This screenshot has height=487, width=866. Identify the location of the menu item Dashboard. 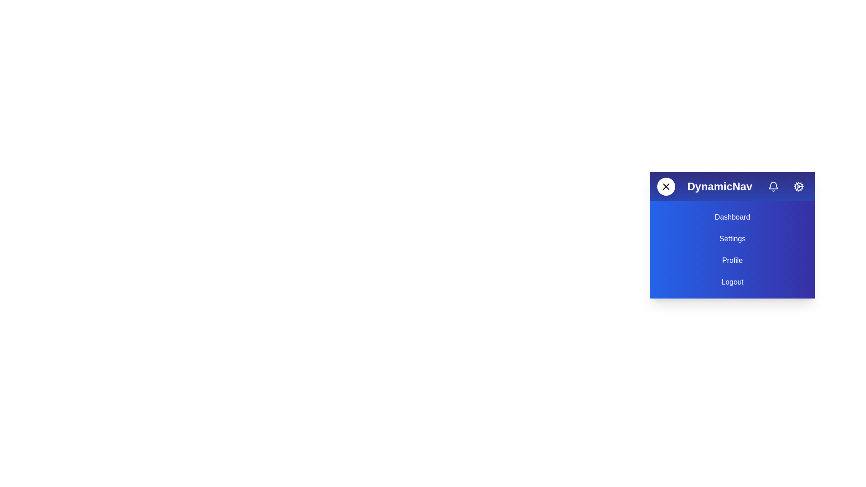
(732, 217).